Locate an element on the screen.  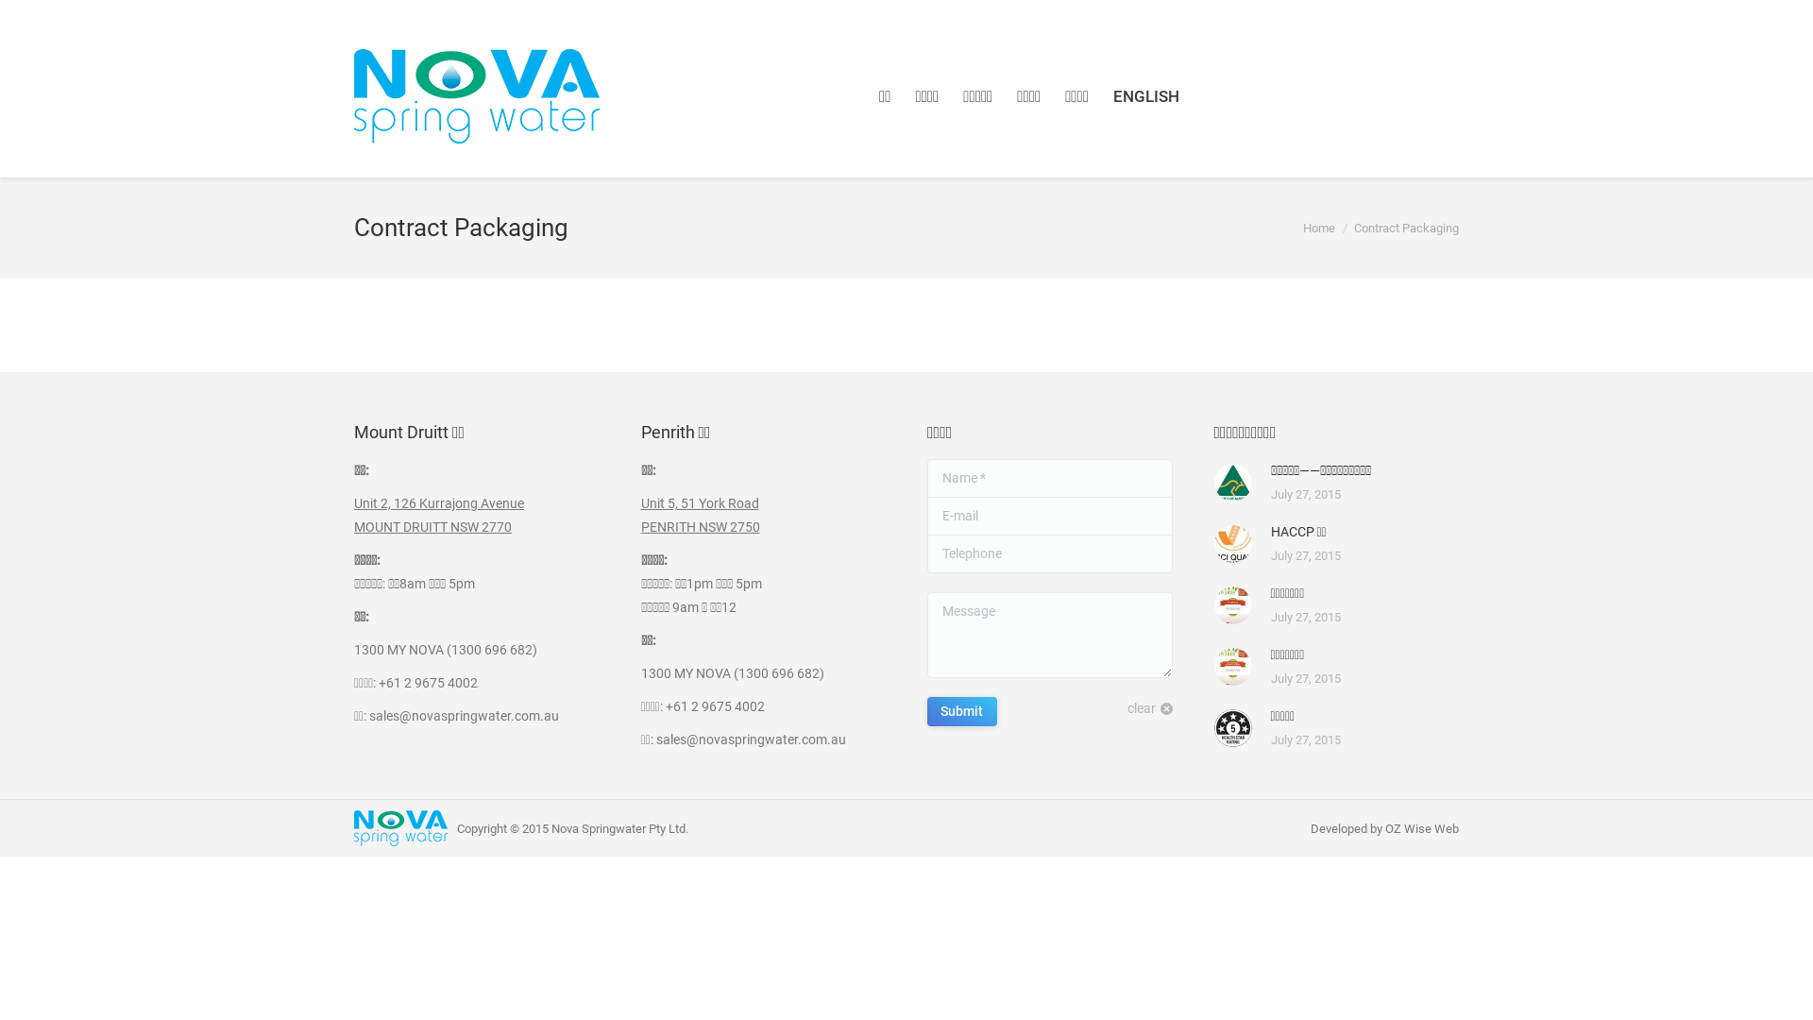
'clear' is located at coordinates (1149, 708).